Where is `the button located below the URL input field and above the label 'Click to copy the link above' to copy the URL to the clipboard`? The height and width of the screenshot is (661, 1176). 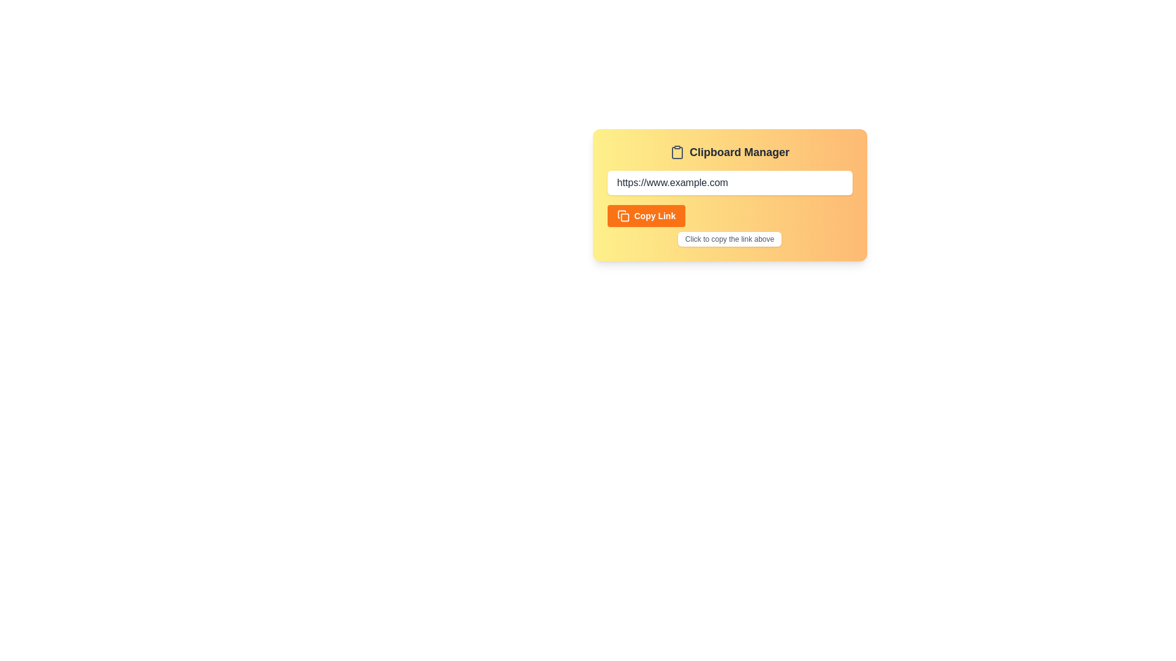 the button located below the URL input field and above the label 'Click to copy the link above' to copy the URL to the clipboard is located at coordinates (646, 215).